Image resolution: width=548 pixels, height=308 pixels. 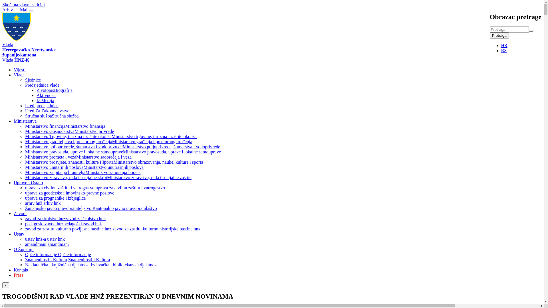 I want to click on 'HR', so click(x=504, y=45).